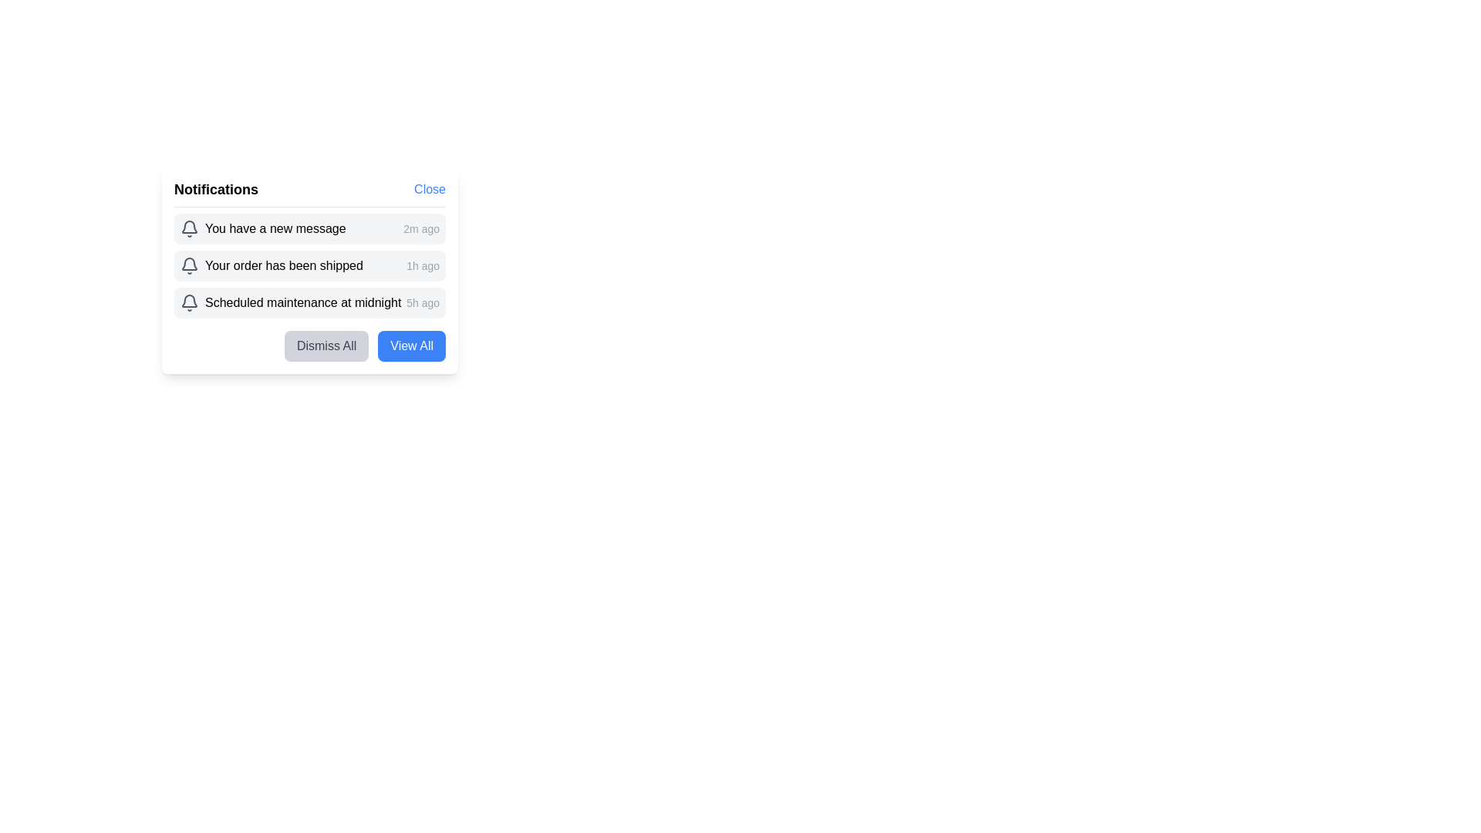 The width and height of the screenshot is (1481, 833). I want to click on the timestamp label indicating that the associated notification occurred approximately one hour ago, which is located to the right within the notification titled 'Your order has been shipped', so click(423, 265).